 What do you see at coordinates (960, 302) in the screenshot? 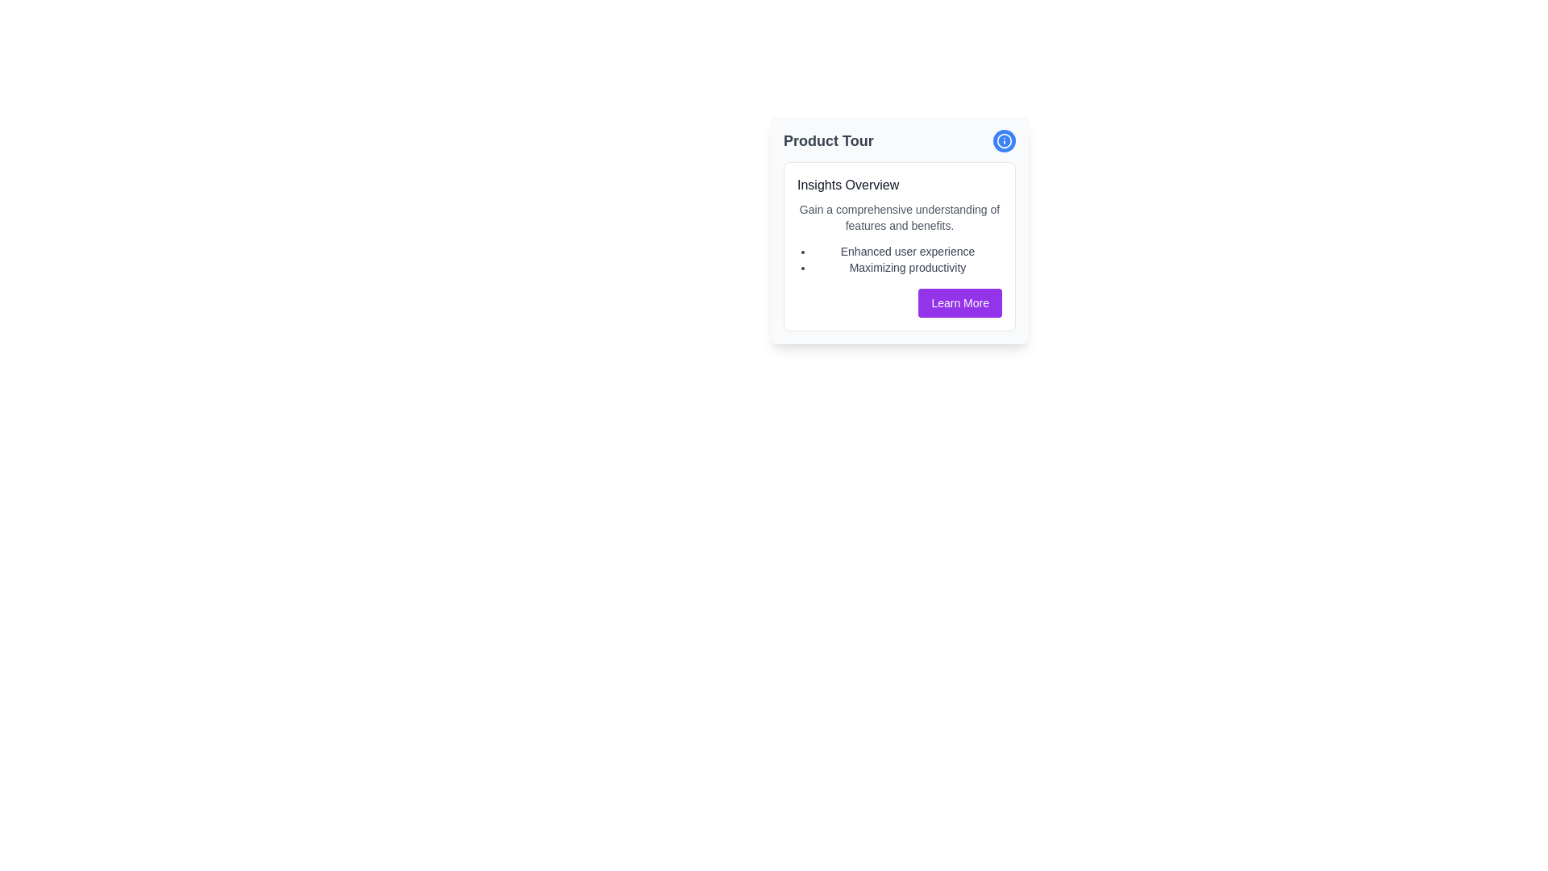
I see `the button located below the 'Insights Overview' text, which directs users` at bounding box center [960, 302].